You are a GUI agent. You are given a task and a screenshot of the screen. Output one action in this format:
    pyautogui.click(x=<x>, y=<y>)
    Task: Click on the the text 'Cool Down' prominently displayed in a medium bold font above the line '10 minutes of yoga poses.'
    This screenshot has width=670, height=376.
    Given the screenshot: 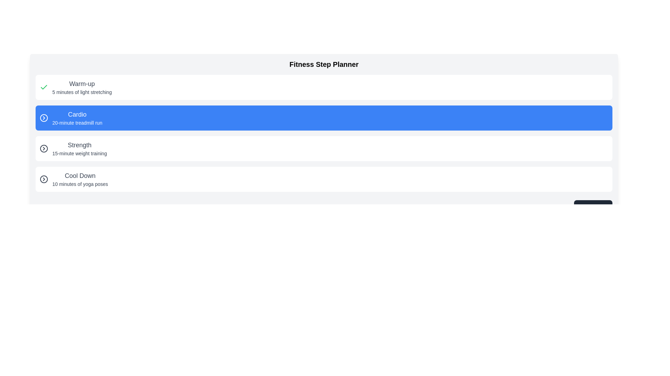 What is the action you would take?
    pyautogui.click(x=80, y=175)
    